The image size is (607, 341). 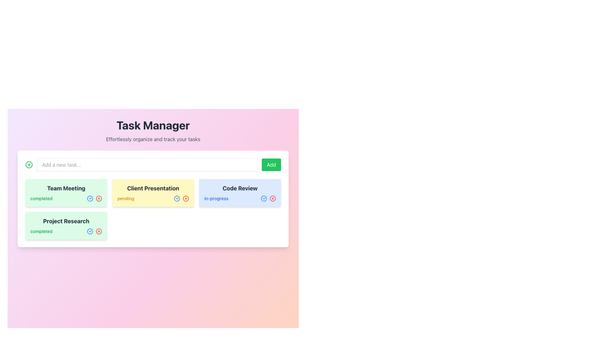 I want to click on the circular icon with a blue border resembling a validation checkmark to confirm task completion for the 'Client Presentation', so click(x=264, y=198).